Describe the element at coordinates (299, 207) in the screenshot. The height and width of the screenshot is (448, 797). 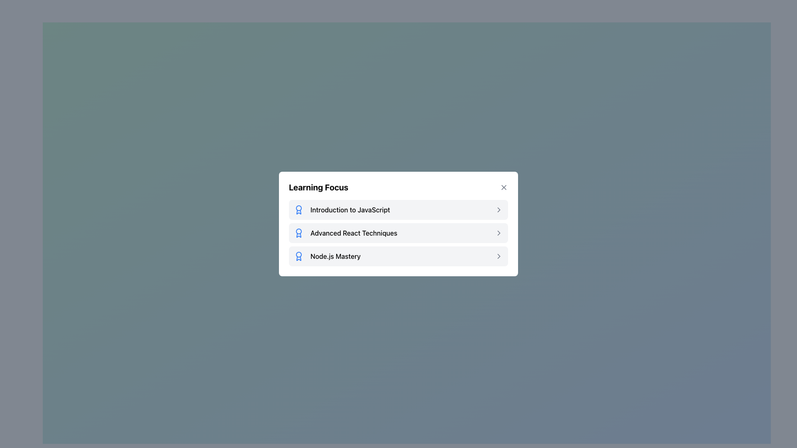
I see `the first circular element of the 'lucide lucide-award' SVG icon, which represents the 'Introduction to JavaScript' entry` at that location.